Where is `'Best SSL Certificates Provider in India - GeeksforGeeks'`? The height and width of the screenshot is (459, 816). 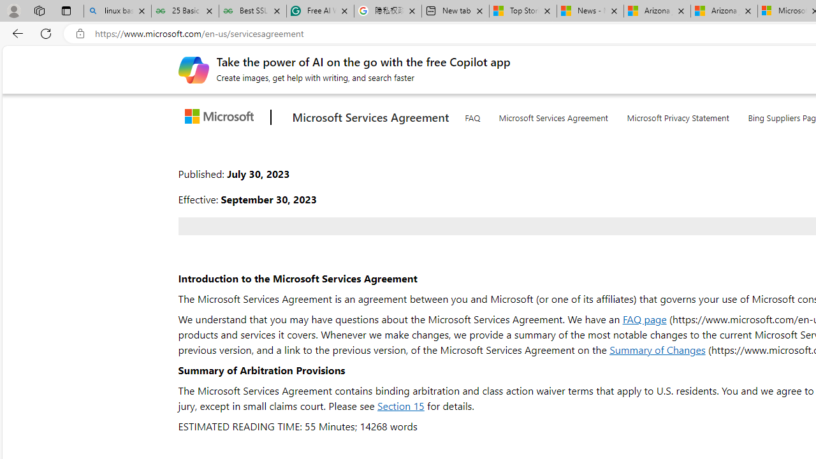
'Best SSL Certificates Provider in India - GeeksforGeeks' is located at coordinates (252, 11).